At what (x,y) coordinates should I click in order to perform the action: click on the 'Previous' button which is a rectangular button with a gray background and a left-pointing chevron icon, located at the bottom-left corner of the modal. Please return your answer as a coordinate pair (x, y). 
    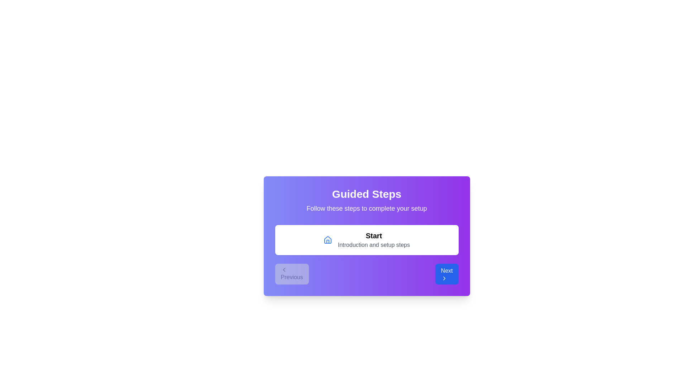
    Looking at the image, I should click on (292, 274).